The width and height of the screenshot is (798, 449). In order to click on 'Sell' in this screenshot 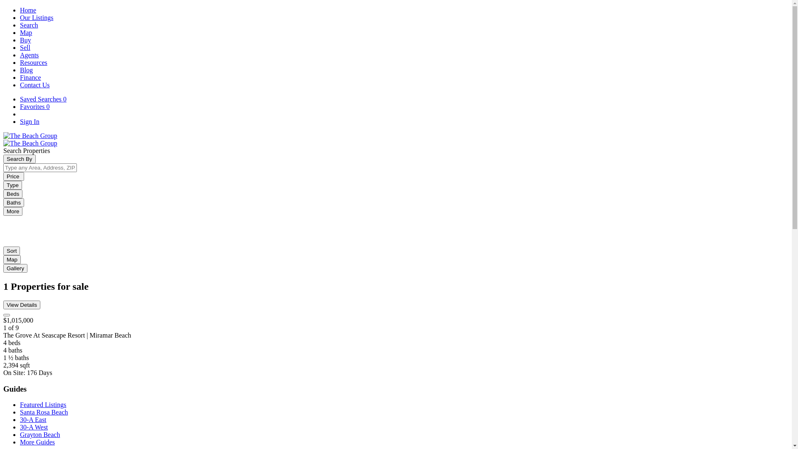, I will do `click(25, 47)`.